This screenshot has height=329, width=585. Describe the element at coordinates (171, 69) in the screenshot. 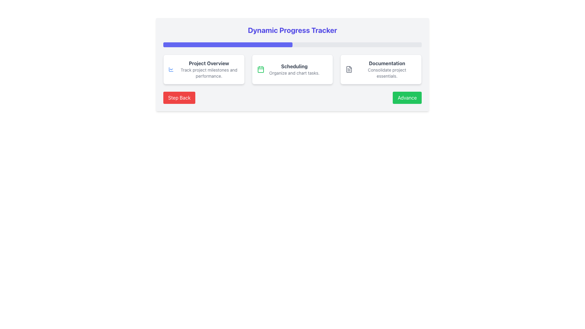

I see `the decorative vector graphic component of the SVG icon located at the top-left of the 'Project Overview' card` at that location.